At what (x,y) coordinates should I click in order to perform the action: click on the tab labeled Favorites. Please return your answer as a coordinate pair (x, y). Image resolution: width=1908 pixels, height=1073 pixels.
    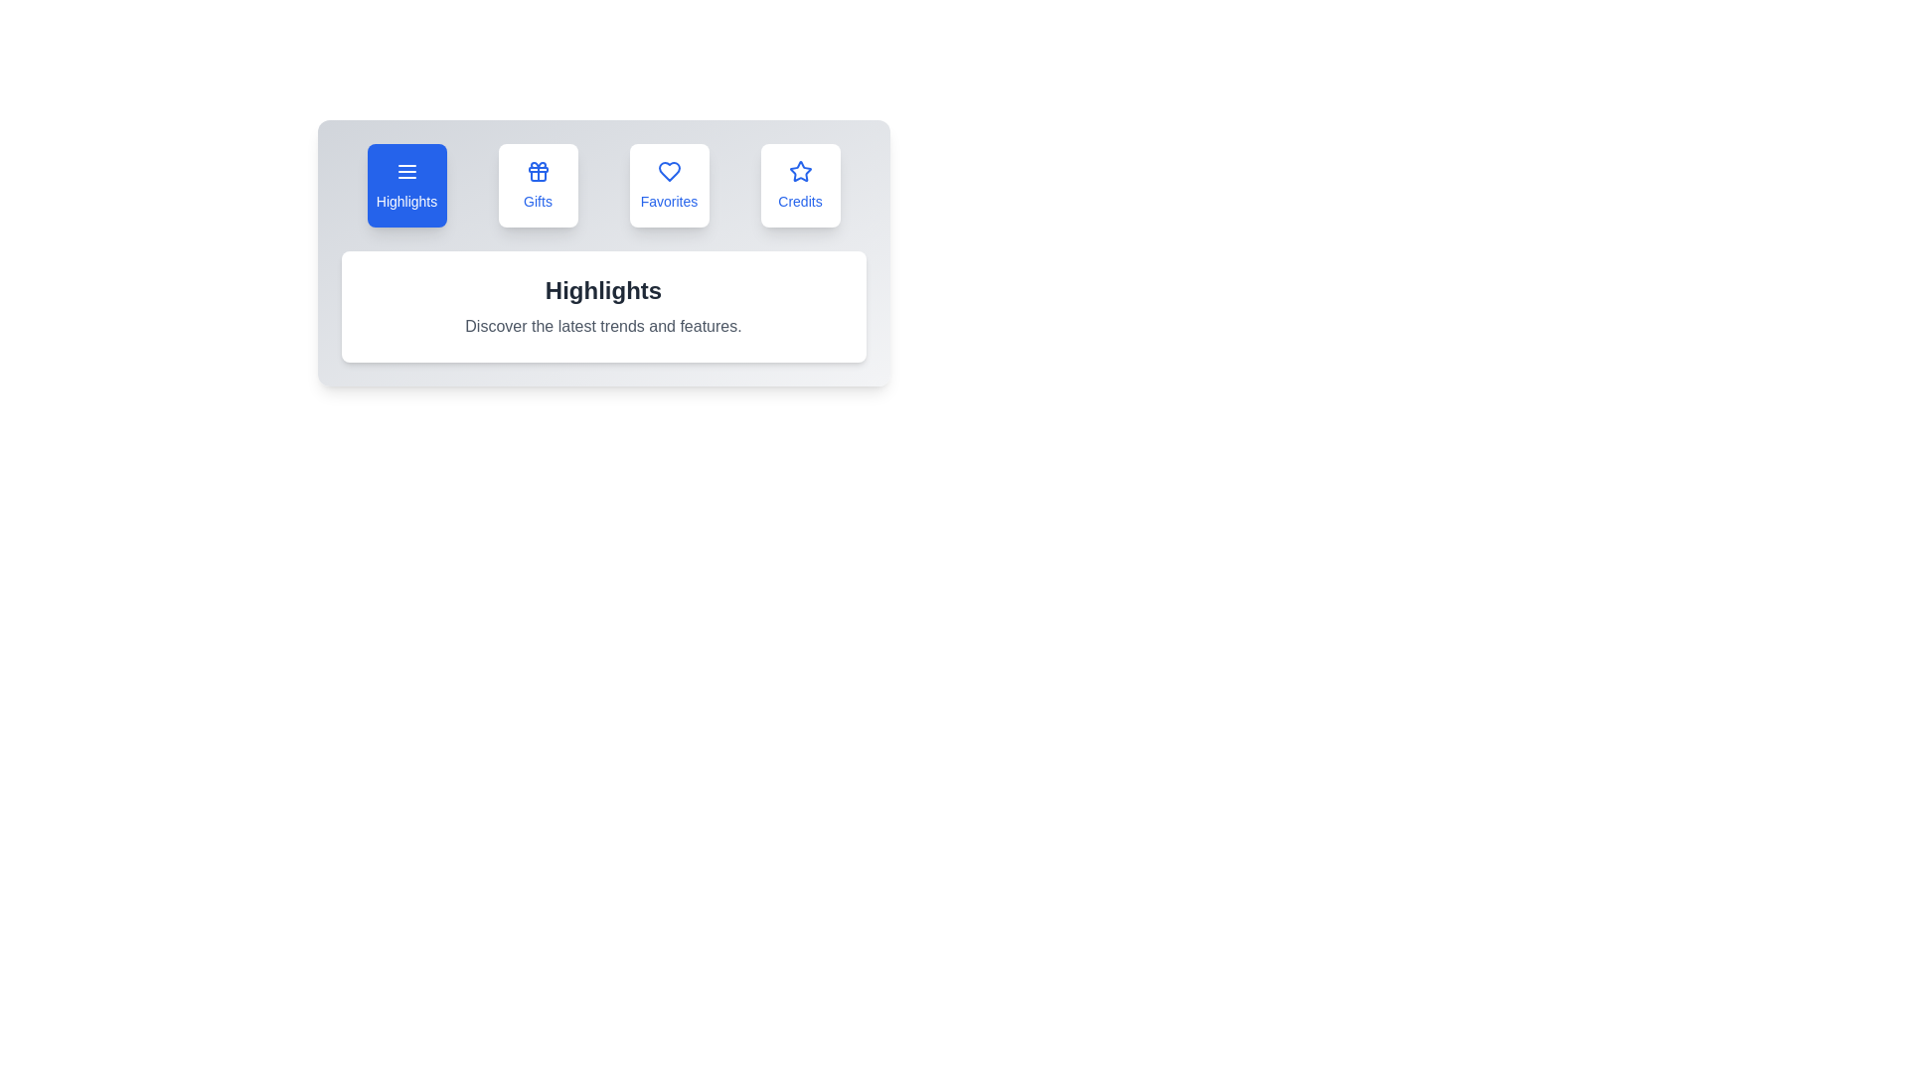
    Looking at the image, I should click on (669, 185).